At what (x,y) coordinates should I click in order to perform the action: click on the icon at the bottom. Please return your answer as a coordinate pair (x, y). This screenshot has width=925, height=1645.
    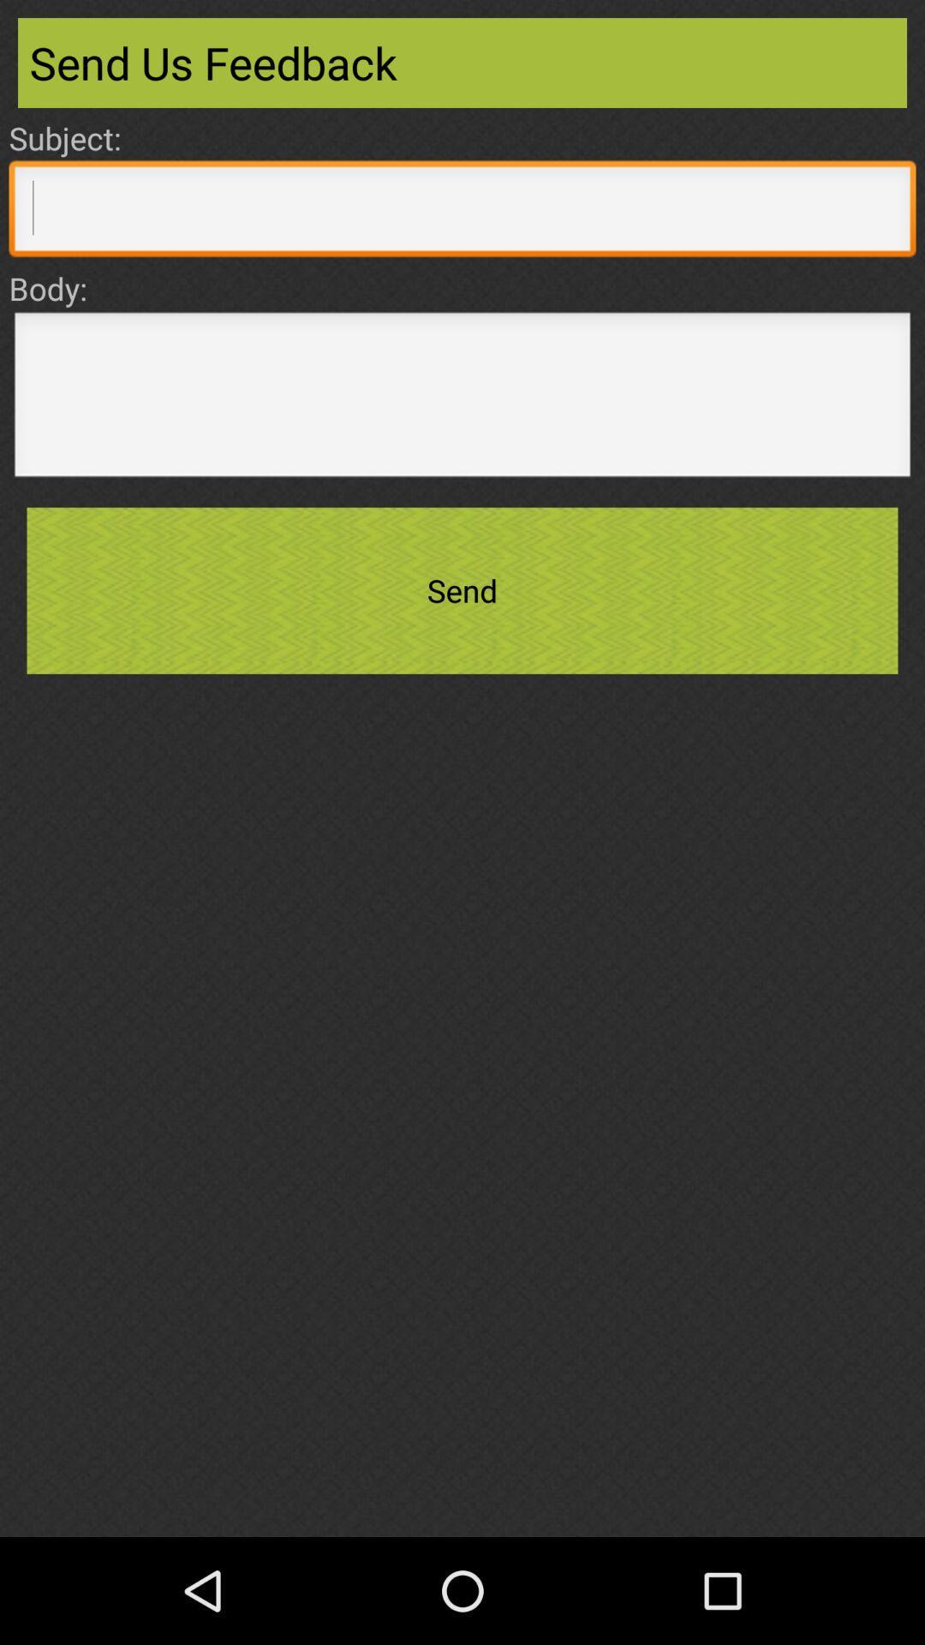
    Looking at the image, I should click on (462, 1480).